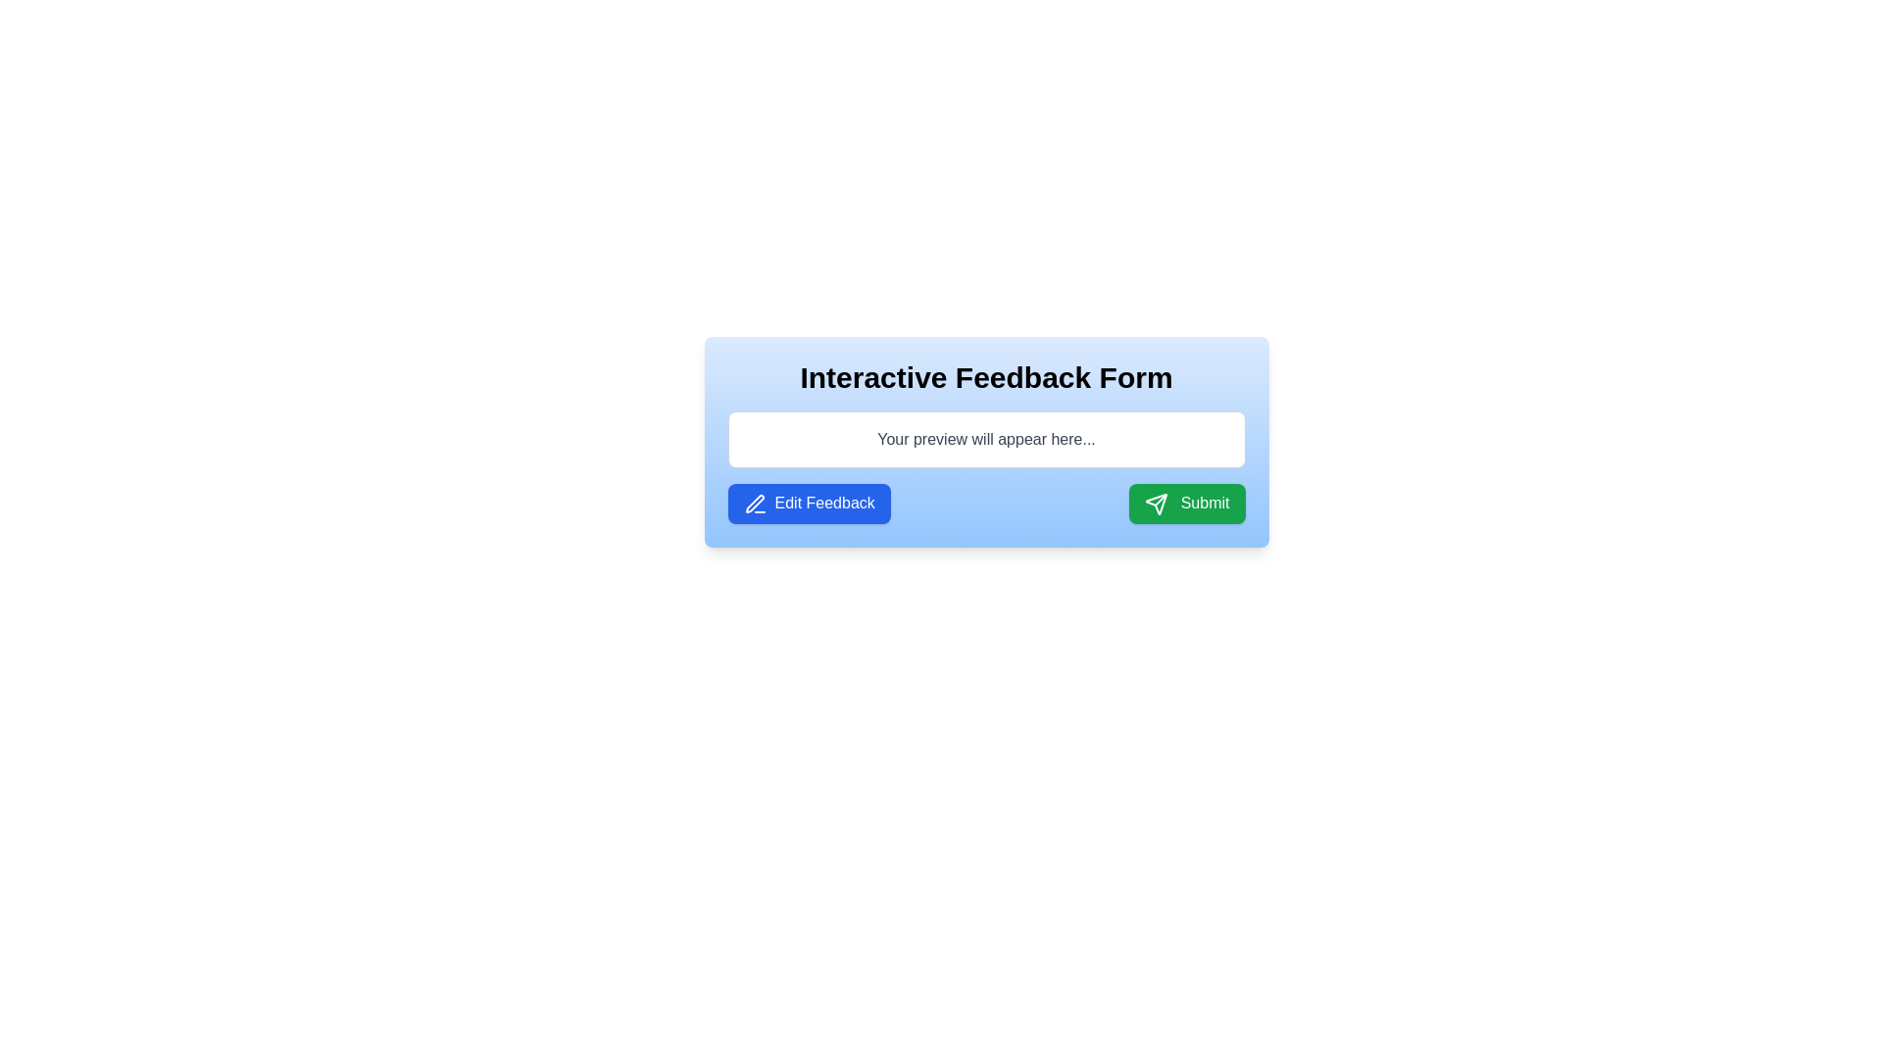 The width and height of the screenshot is (1882, 1058). What do you see at coordinates (1157, 503) in the screenshot?
I see `the graphical design of the paper airplane icon embedded within the green 'Submit' button` at bounding box center [1157, 503].